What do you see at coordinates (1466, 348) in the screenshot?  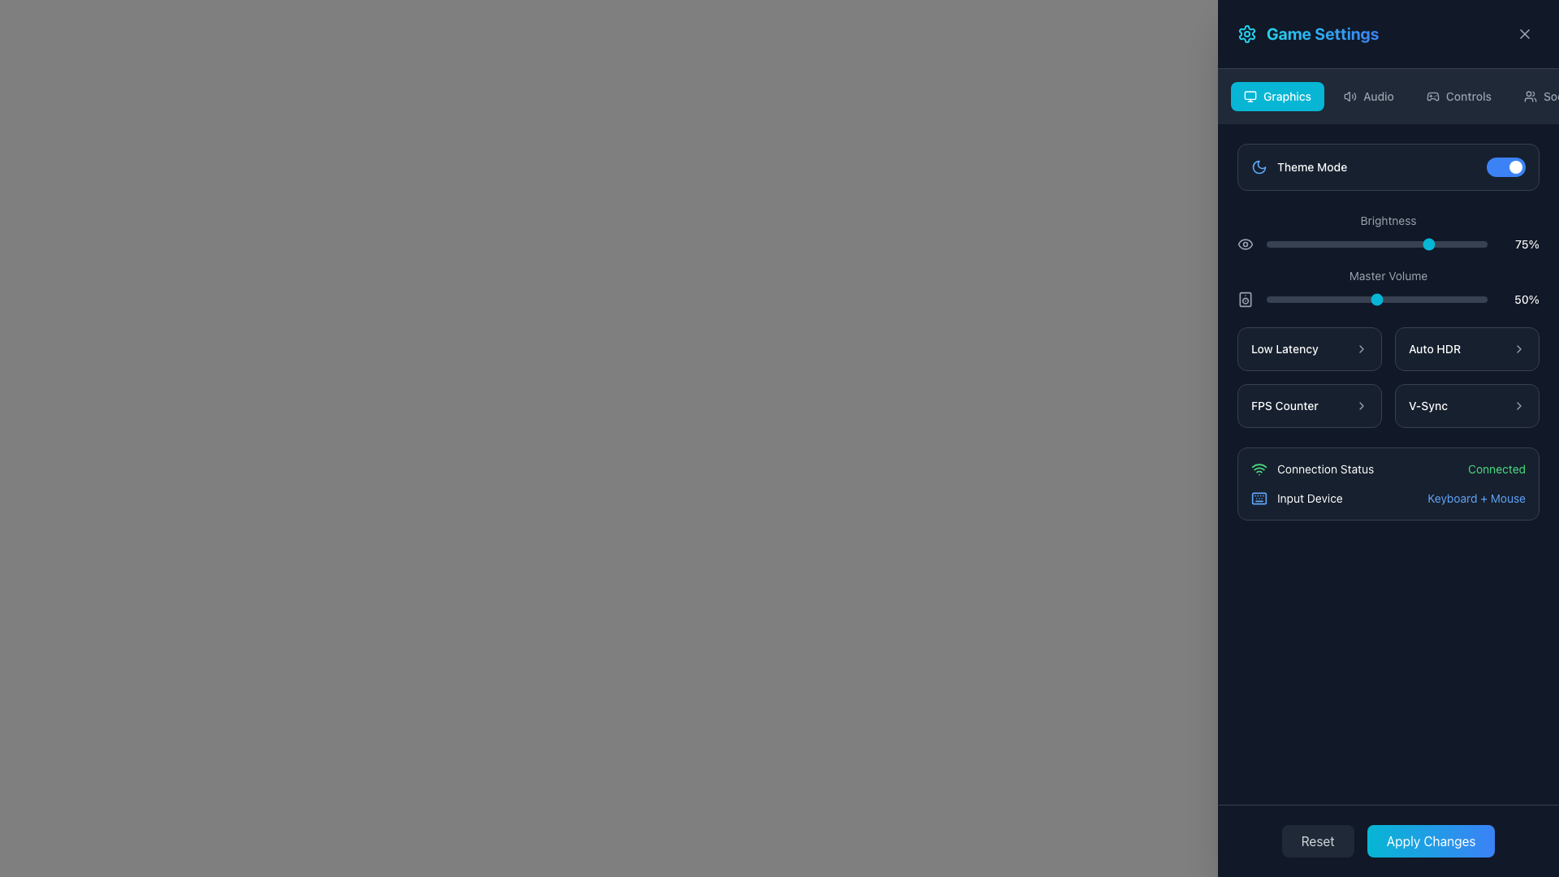 I see `the navigational button for 'Auto HDR', which is the second button in the top row of a two-row grid layout` at bounding box center [1466, 348].